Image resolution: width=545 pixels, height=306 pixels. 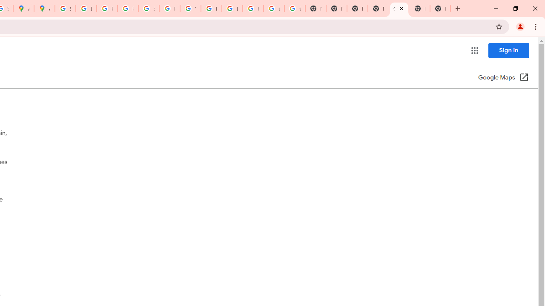 What do you see at coordinates (503, 78) in the screenshot?
I see `'Google Maps (Open in a new window)'` at bounding box center [503, 78].